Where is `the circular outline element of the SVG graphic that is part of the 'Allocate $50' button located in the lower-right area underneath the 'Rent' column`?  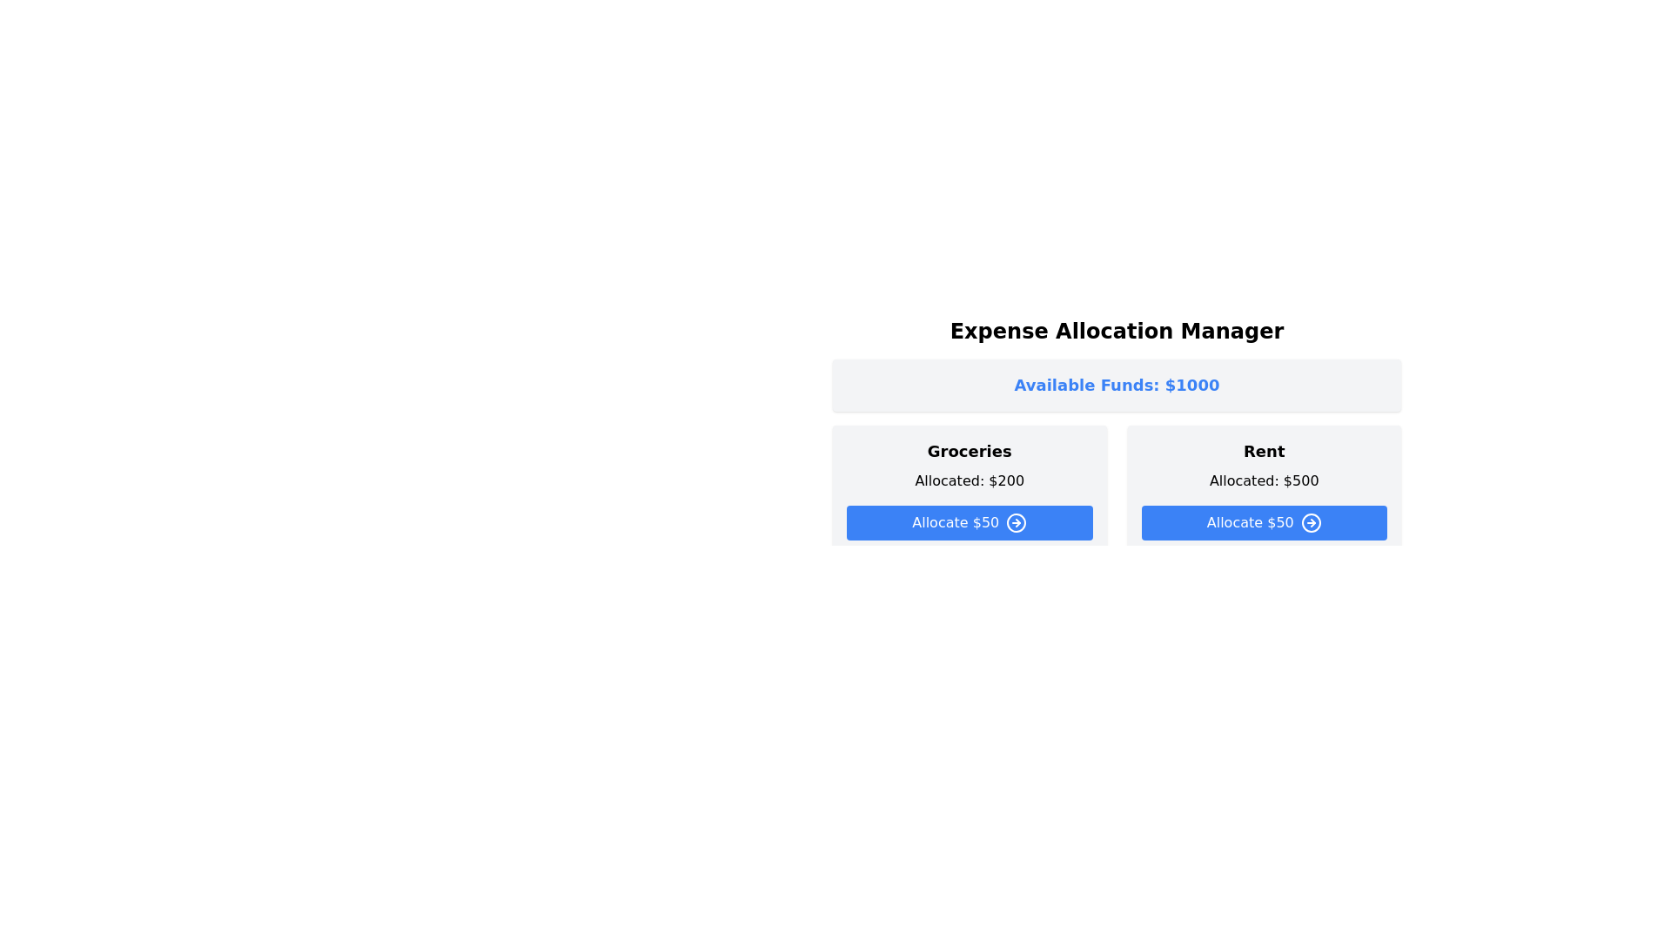 the circular outline element of the SVG graphic that is part of the 'Allocate $50' button located in the lower-right area underneath the 'Rent' column is located at coordinates (1017, 671).